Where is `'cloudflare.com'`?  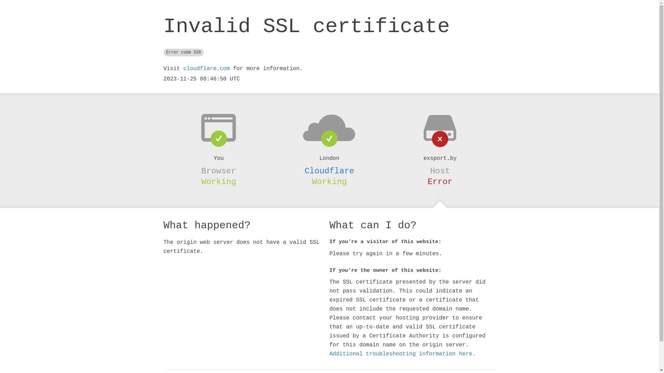 'cloudflare.com' is located at coordinates (206, 69).